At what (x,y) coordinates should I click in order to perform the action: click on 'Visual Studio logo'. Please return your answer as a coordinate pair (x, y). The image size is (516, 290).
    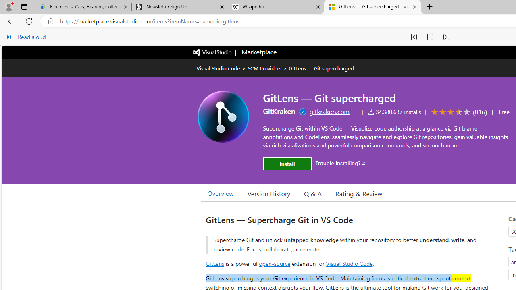
    Looking at the image, I should click on (213, 52).